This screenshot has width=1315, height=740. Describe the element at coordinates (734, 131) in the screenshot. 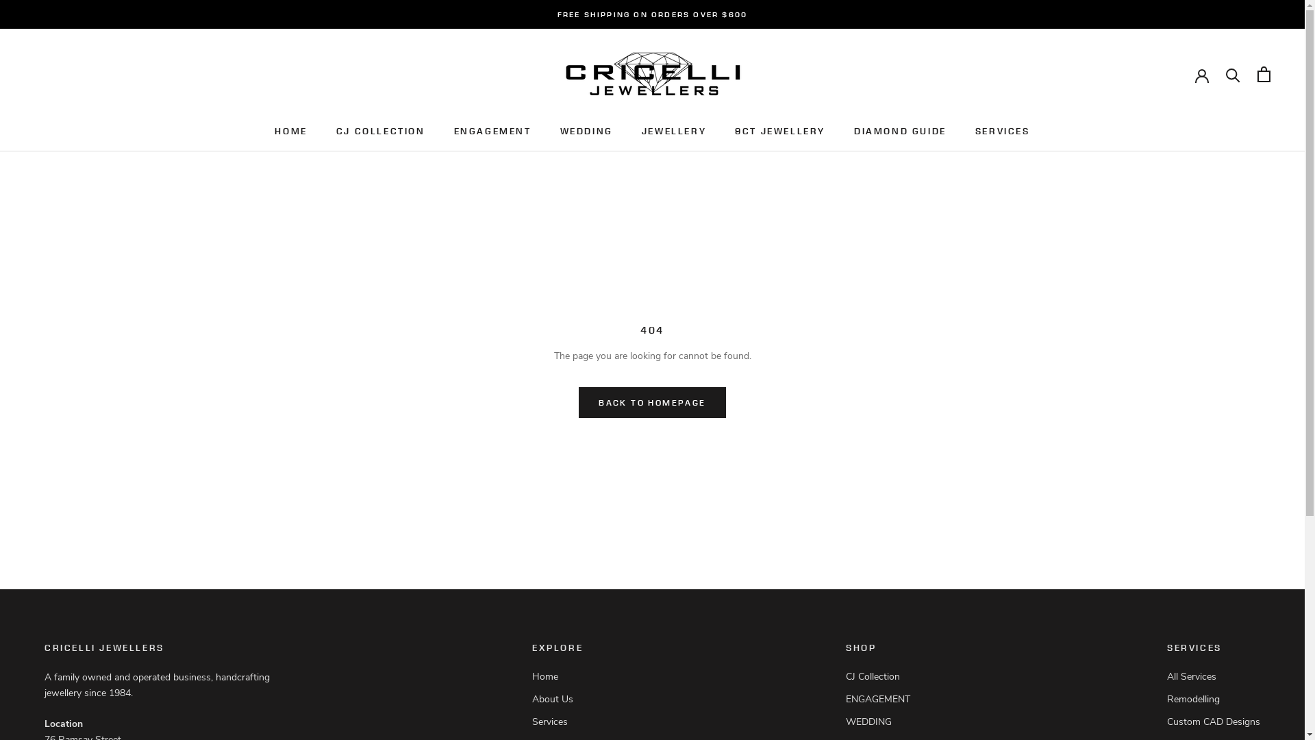

I see `'9CT JEWELLERY'` at that location.